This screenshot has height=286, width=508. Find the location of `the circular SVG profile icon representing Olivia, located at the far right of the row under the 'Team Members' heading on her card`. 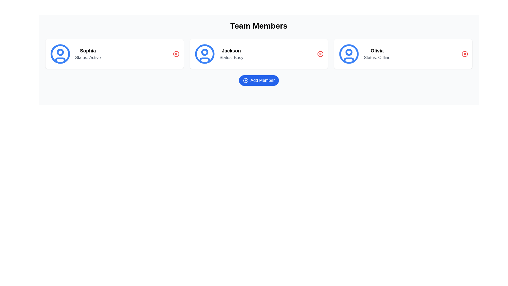

the circular SVG profile icon representing Olivia, located at the far right of the row under the 'Team Members' heading on her card is located at coordinates (349, 54).